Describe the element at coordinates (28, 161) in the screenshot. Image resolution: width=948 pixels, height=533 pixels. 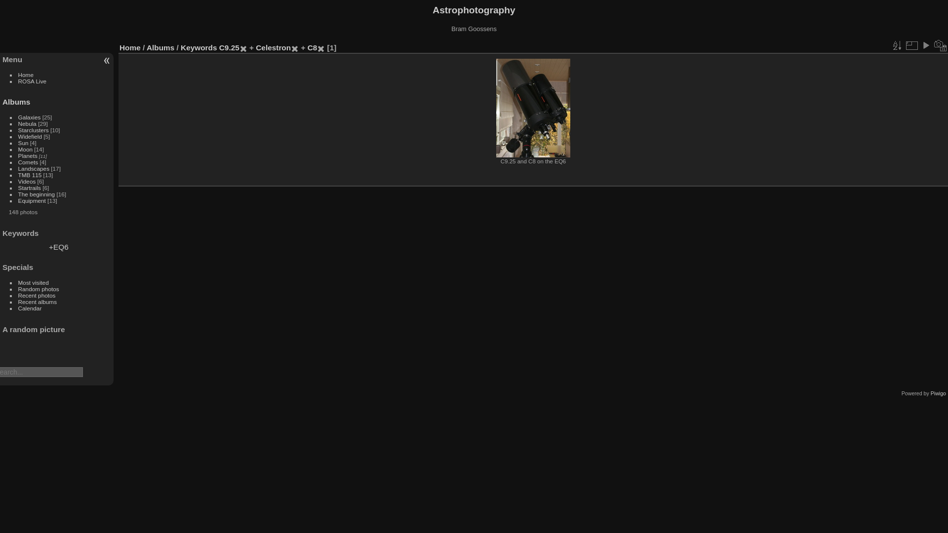
I see `'Comets'` at that location.